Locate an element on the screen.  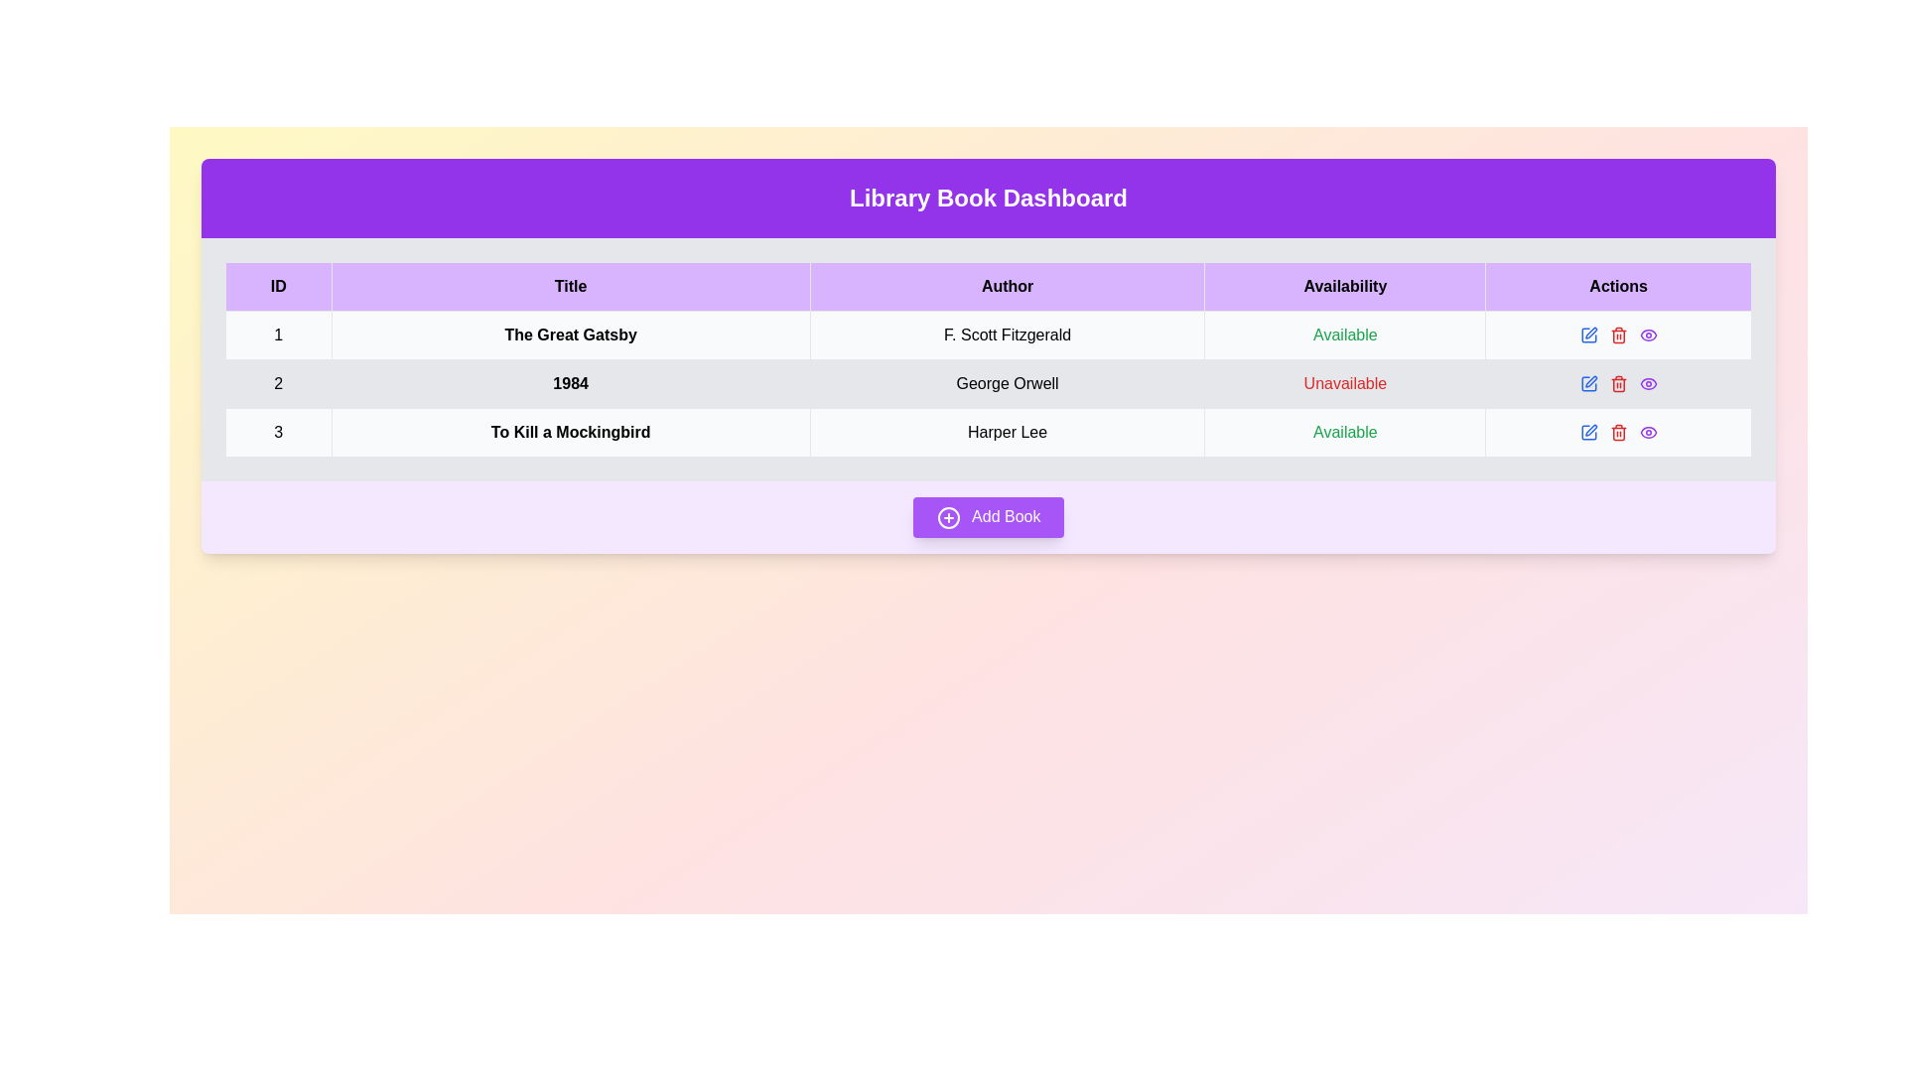
the edit icon, which is a pen surrounded by a square outline, located in the 'Actions' column of the second row, aligned with the book titled '1984' is located at coordinates (1590, 381).